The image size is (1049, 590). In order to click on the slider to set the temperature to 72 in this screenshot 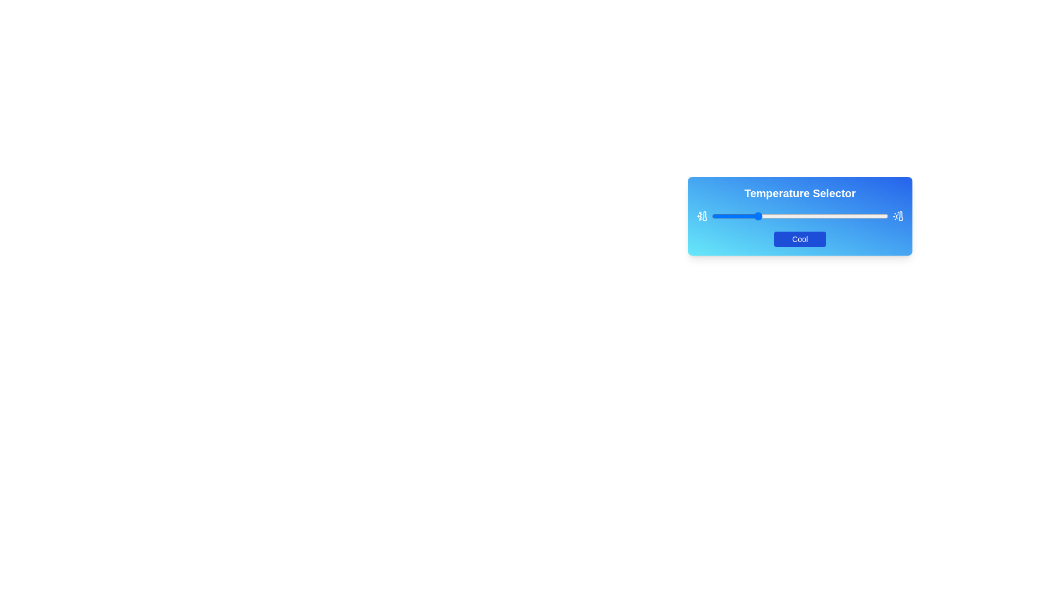, I will do `click(838, 216)`.